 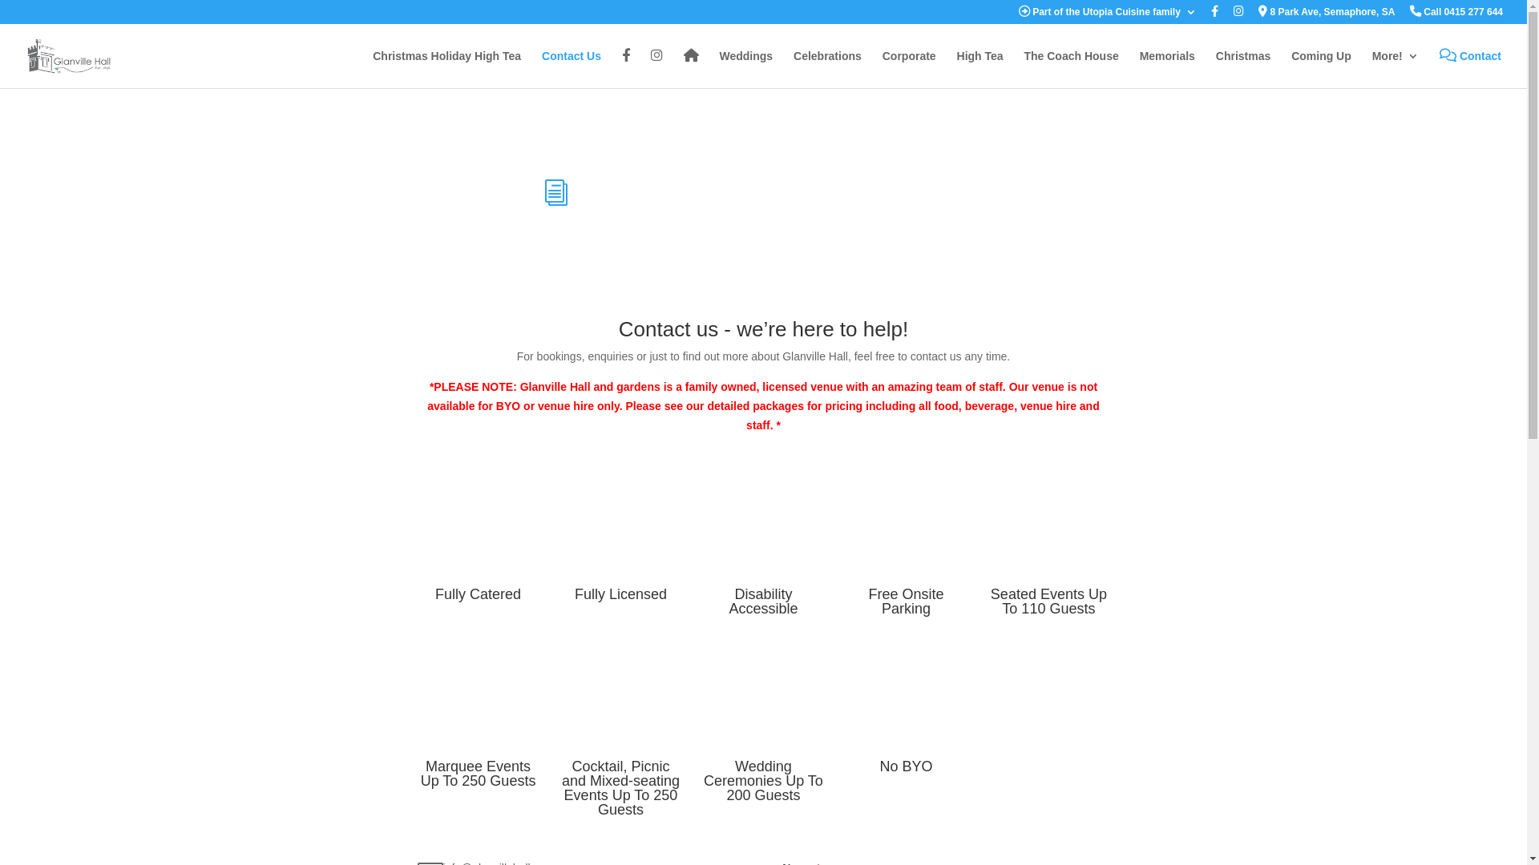 I want to click on 'i', so click(x=556, y=191).